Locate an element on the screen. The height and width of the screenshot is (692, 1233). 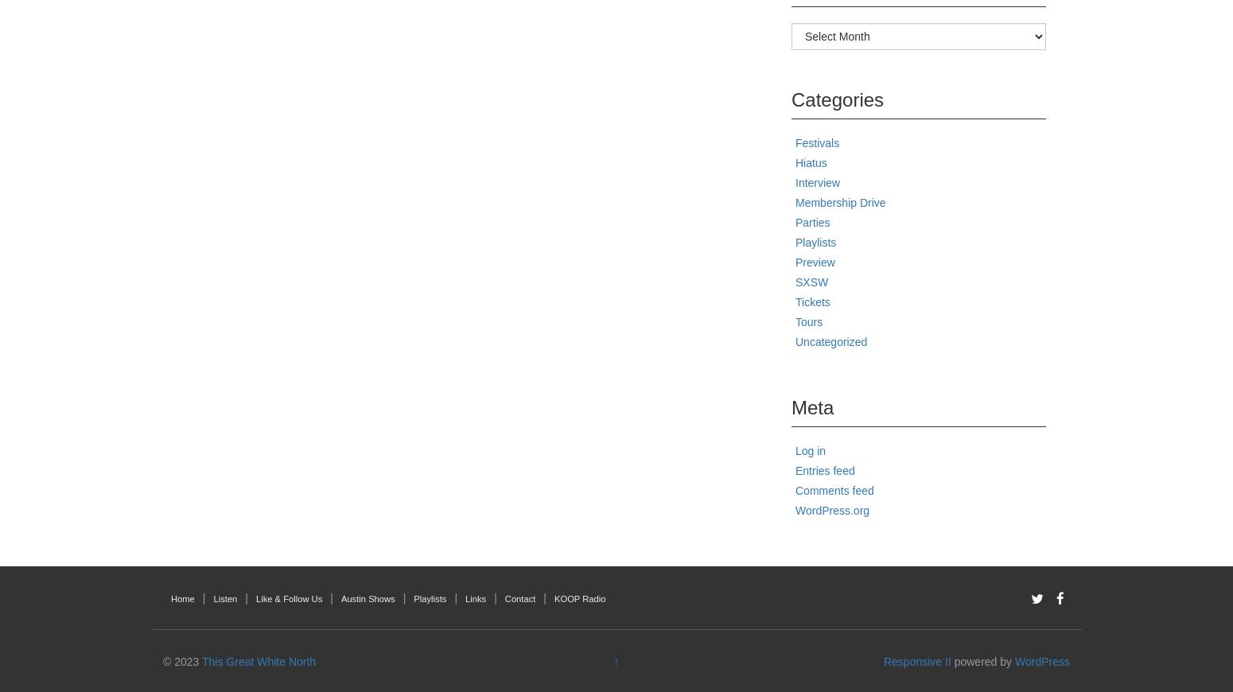
'Uncategorized' is located at coordinates (831, 340).